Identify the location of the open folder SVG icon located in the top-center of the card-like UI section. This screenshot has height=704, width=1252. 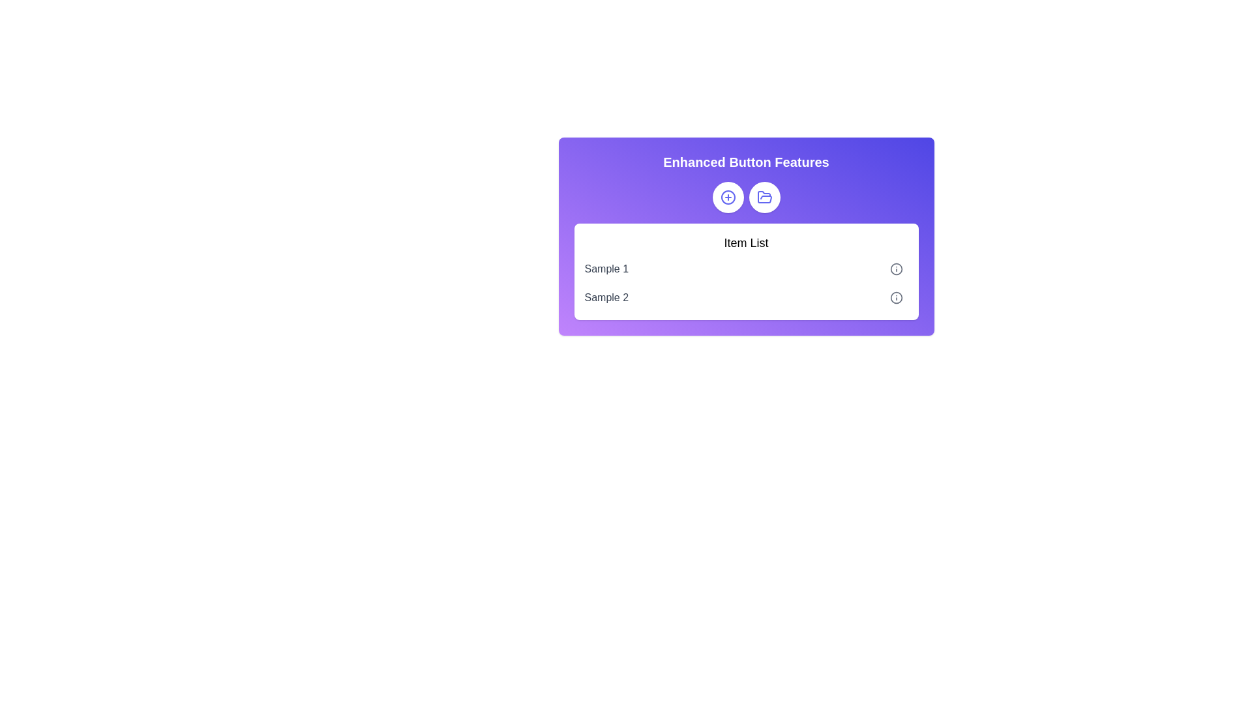
(764, 197).